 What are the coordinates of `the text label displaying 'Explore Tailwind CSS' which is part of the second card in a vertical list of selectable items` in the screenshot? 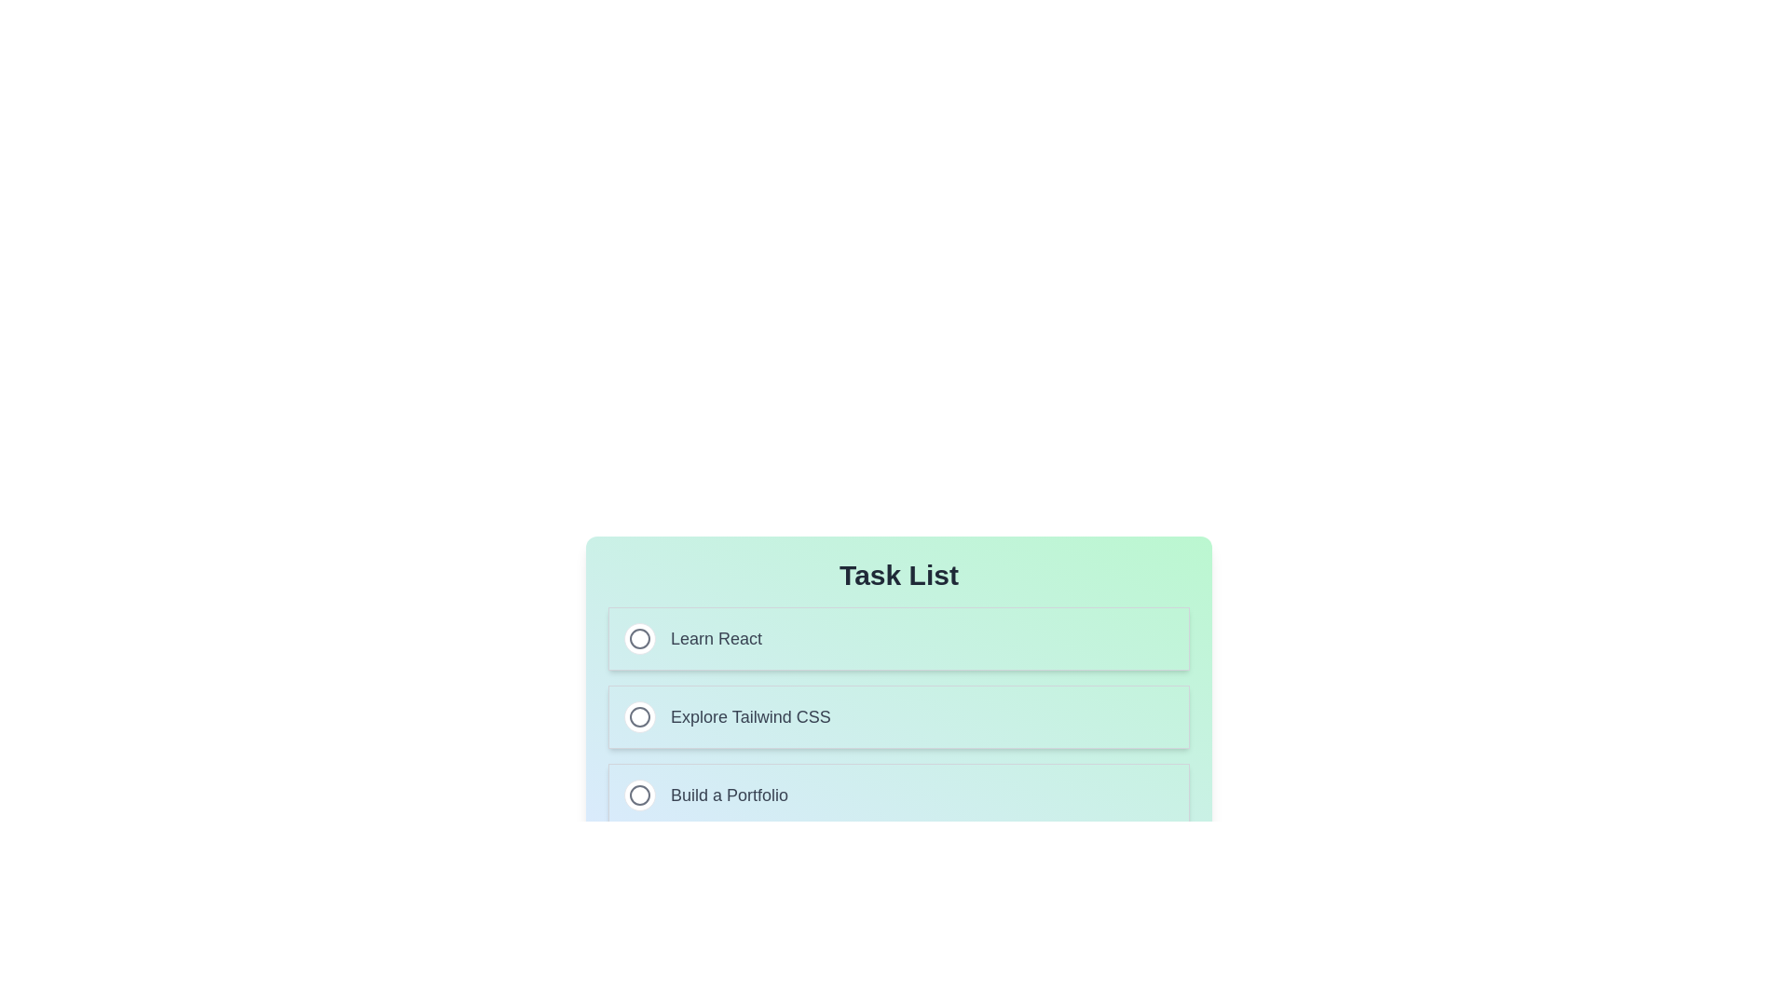 It's located at (750, 716).